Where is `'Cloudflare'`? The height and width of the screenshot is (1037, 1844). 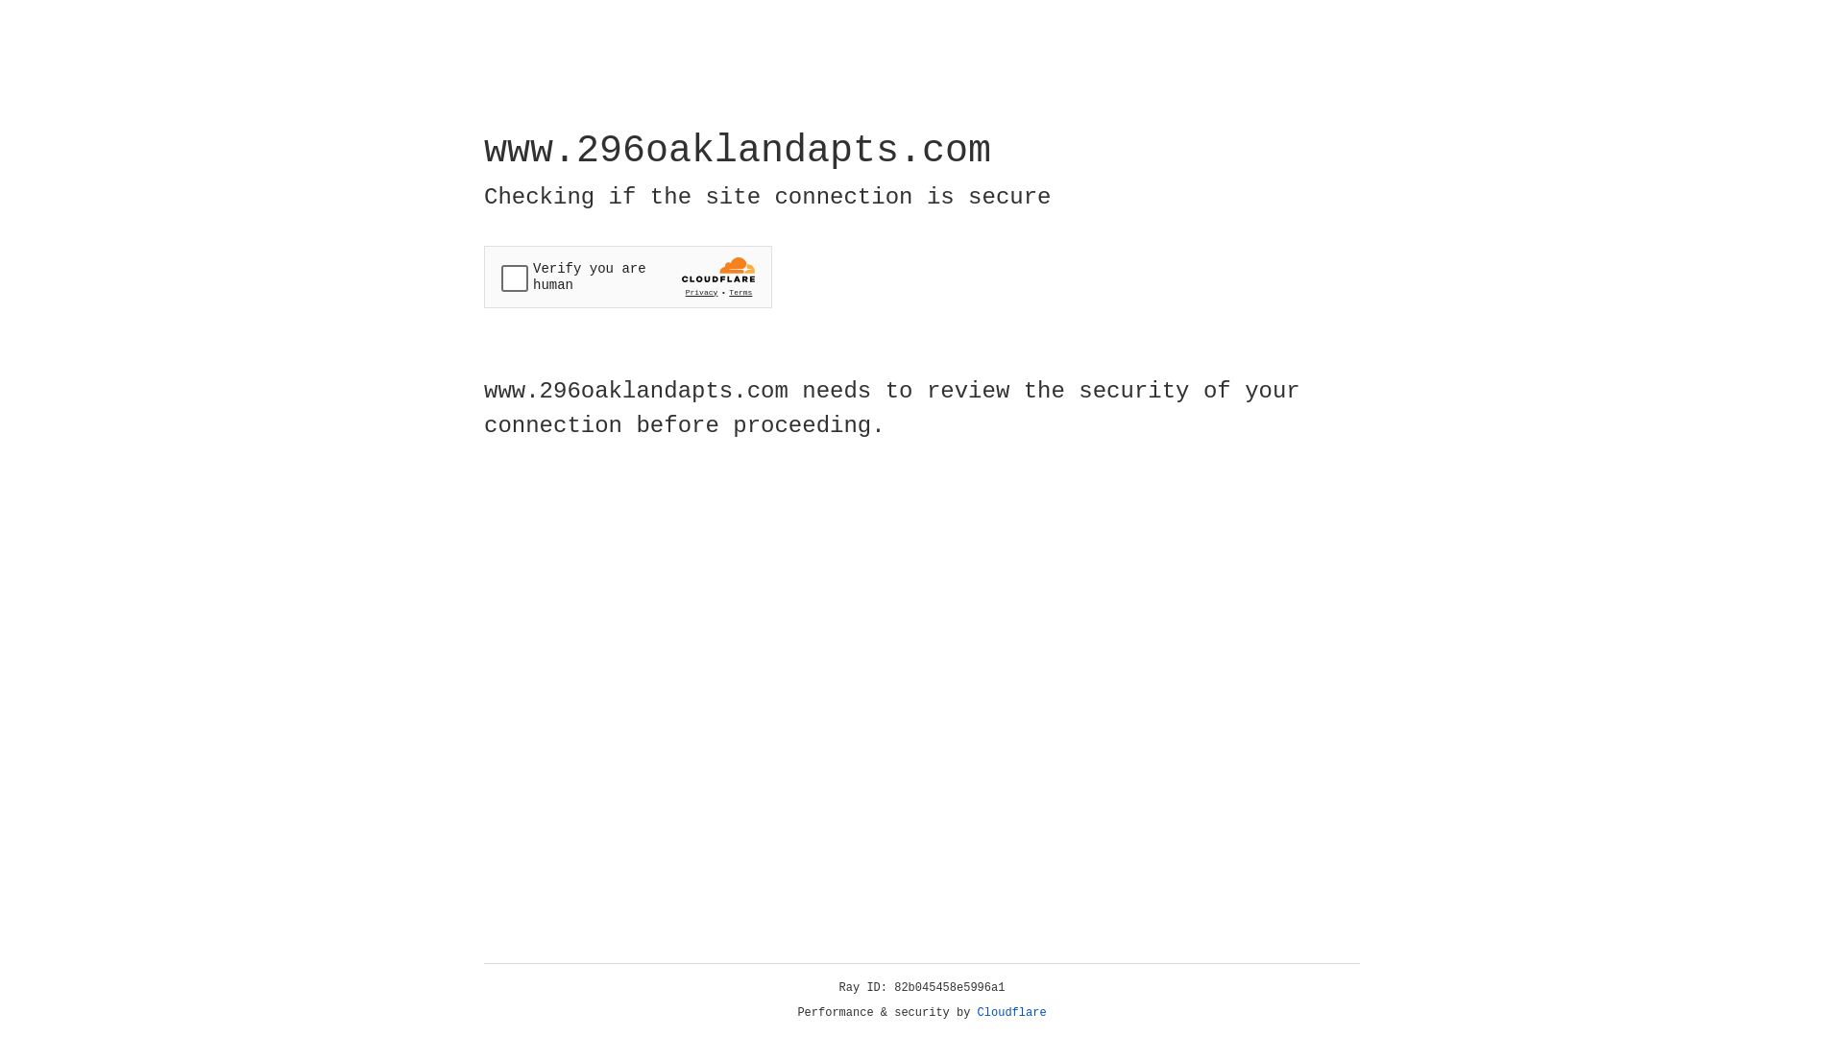
'Cloudflare' is located at coordinates (1011, 1012).